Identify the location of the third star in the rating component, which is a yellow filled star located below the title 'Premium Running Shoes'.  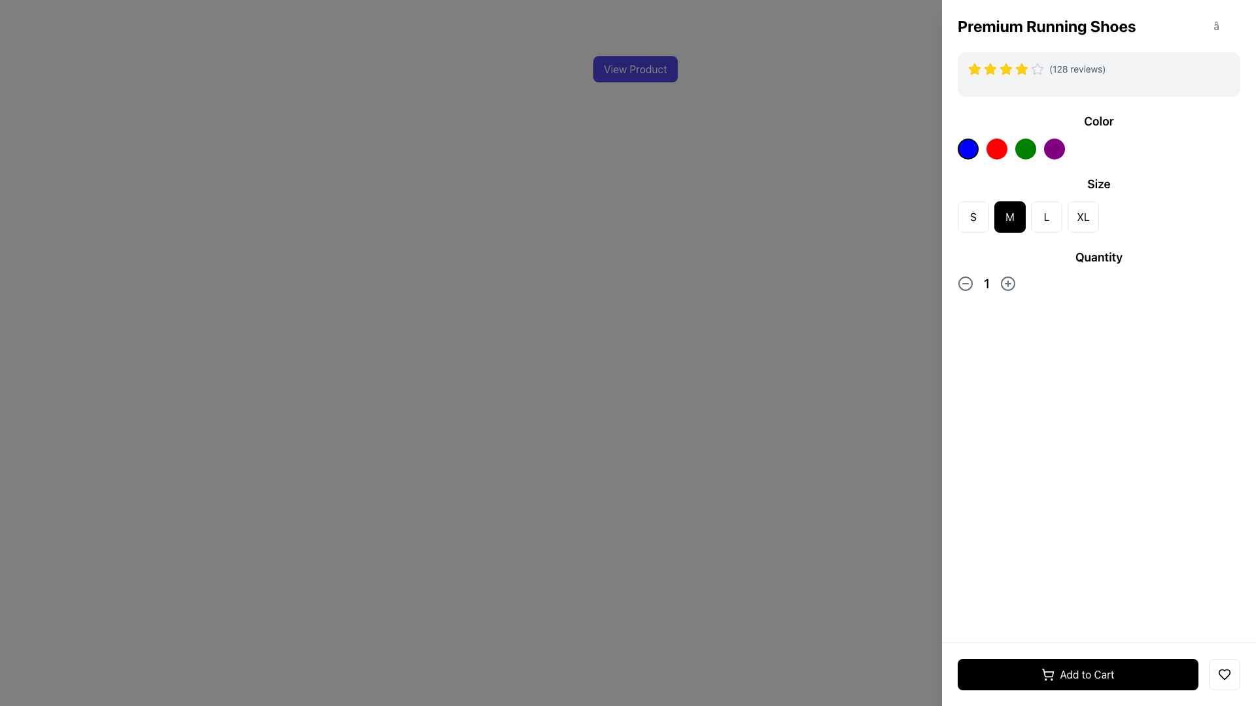
(1005, 69).